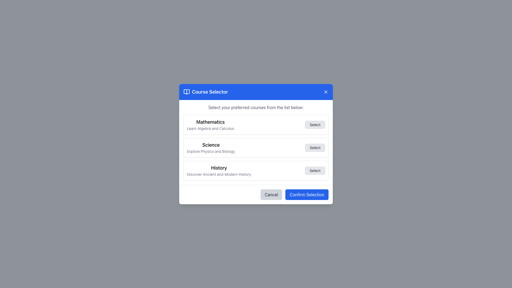 This screenshot has width=512, height=288. What do you see at coordinates (187, 91) in the screenshot?
I see `the blue open book icon located next to the 'Course Selector' text in the application header` at bounding box center [187, 91].